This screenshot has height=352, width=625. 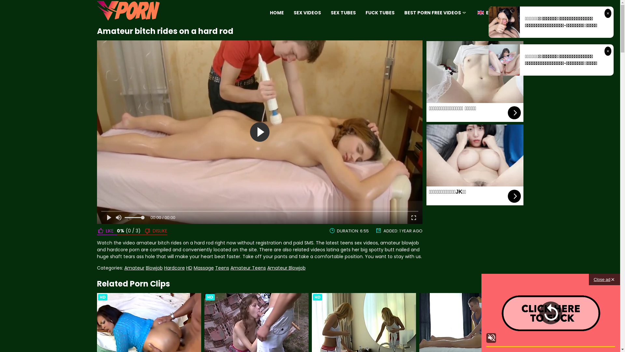 I want to click on 'Amateur', so click(x=134, y=268).